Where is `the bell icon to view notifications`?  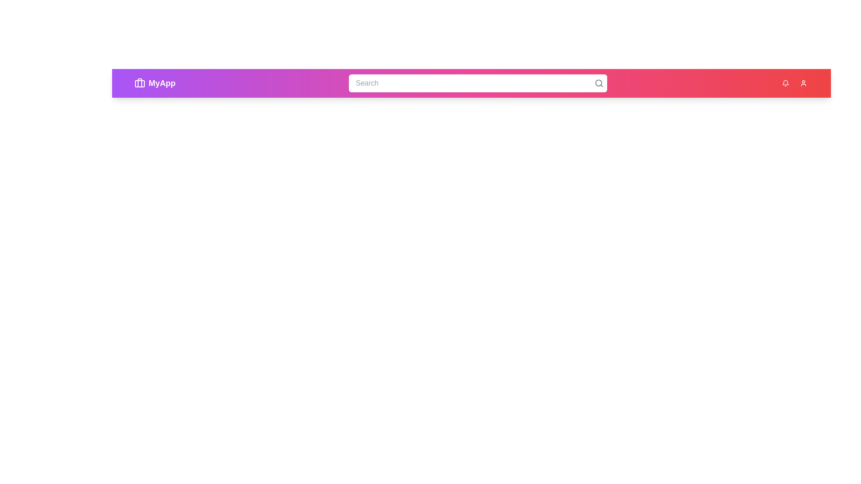
the bell icon to view notifications is located at coordinates (785, 83).